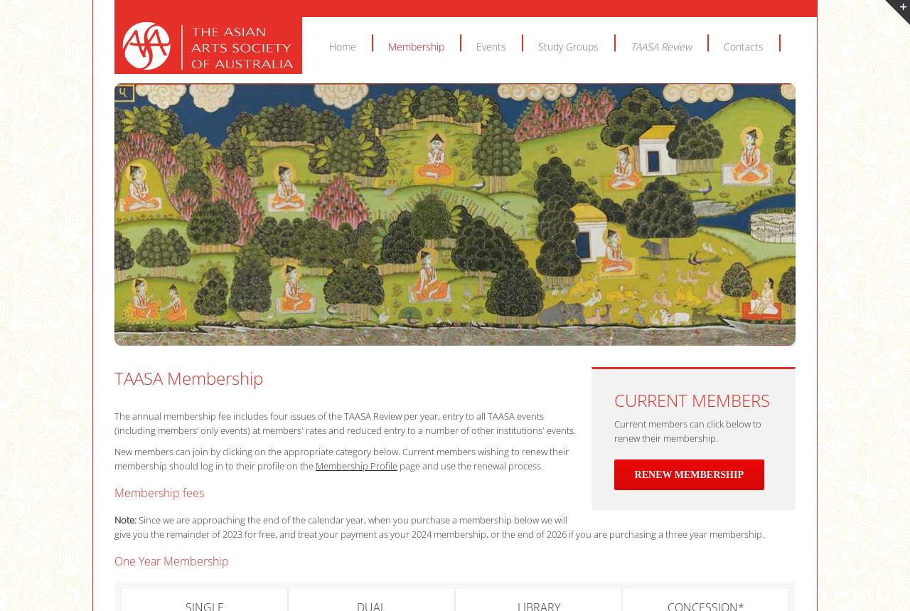  What do you see at coordinates (188, 377) in the screenshot?
I see `'TAASA Membership'` at bounding box center [188, 377].